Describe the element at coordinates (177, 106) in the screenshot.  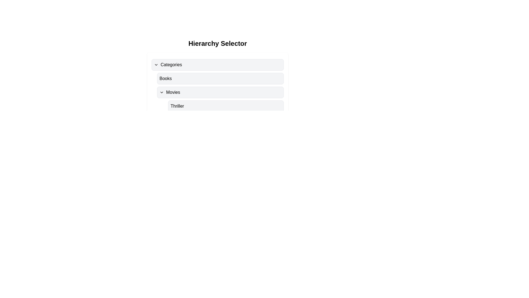
I see `the text label displaying 'Thriller', which is styled in bold font and located under the 'Movies' category in the hierarchical interface` at that location.